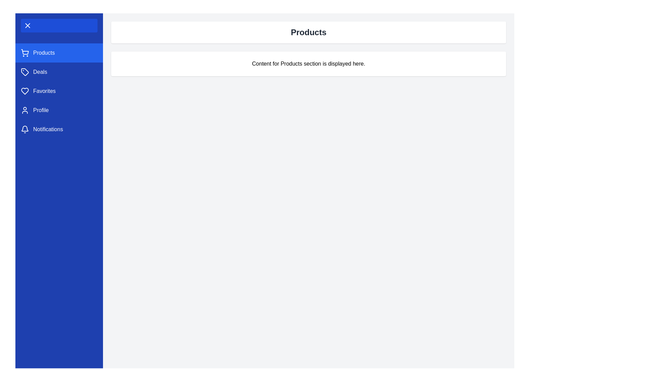 The image size is (657, 369). I want to click on text content of the 'Products' label, which is a left-aligned text label displaying the word 'Products' in a sans-serif font, located to the right of a shopping cart icon in the vertical menu, so click(43, 52).